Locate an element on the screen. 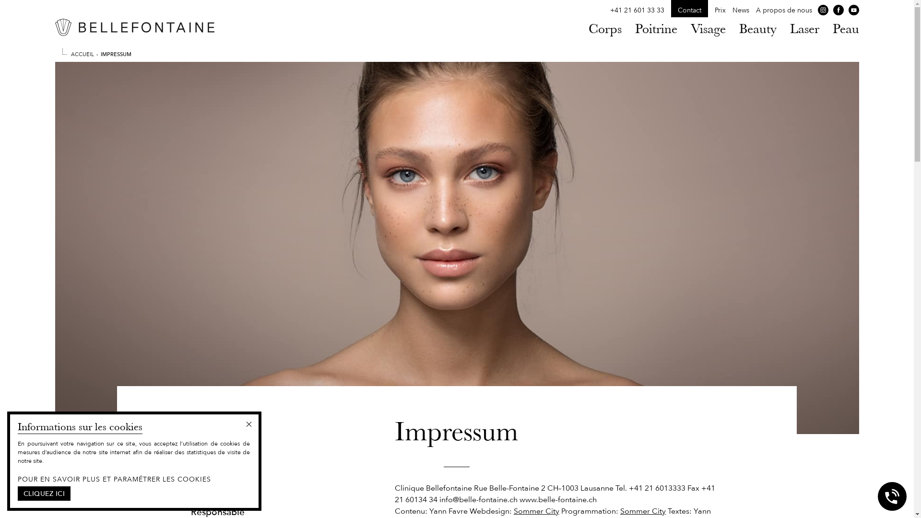 The image size is (921, 518). 'Prix' is located at coordinates (720, 10).